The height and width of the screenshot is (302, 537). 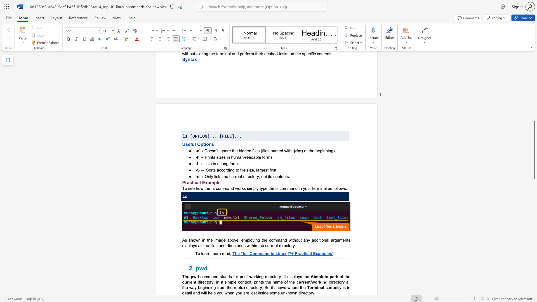 I want to click on the scrollbar to move the page up, so click(x=534, y=86).